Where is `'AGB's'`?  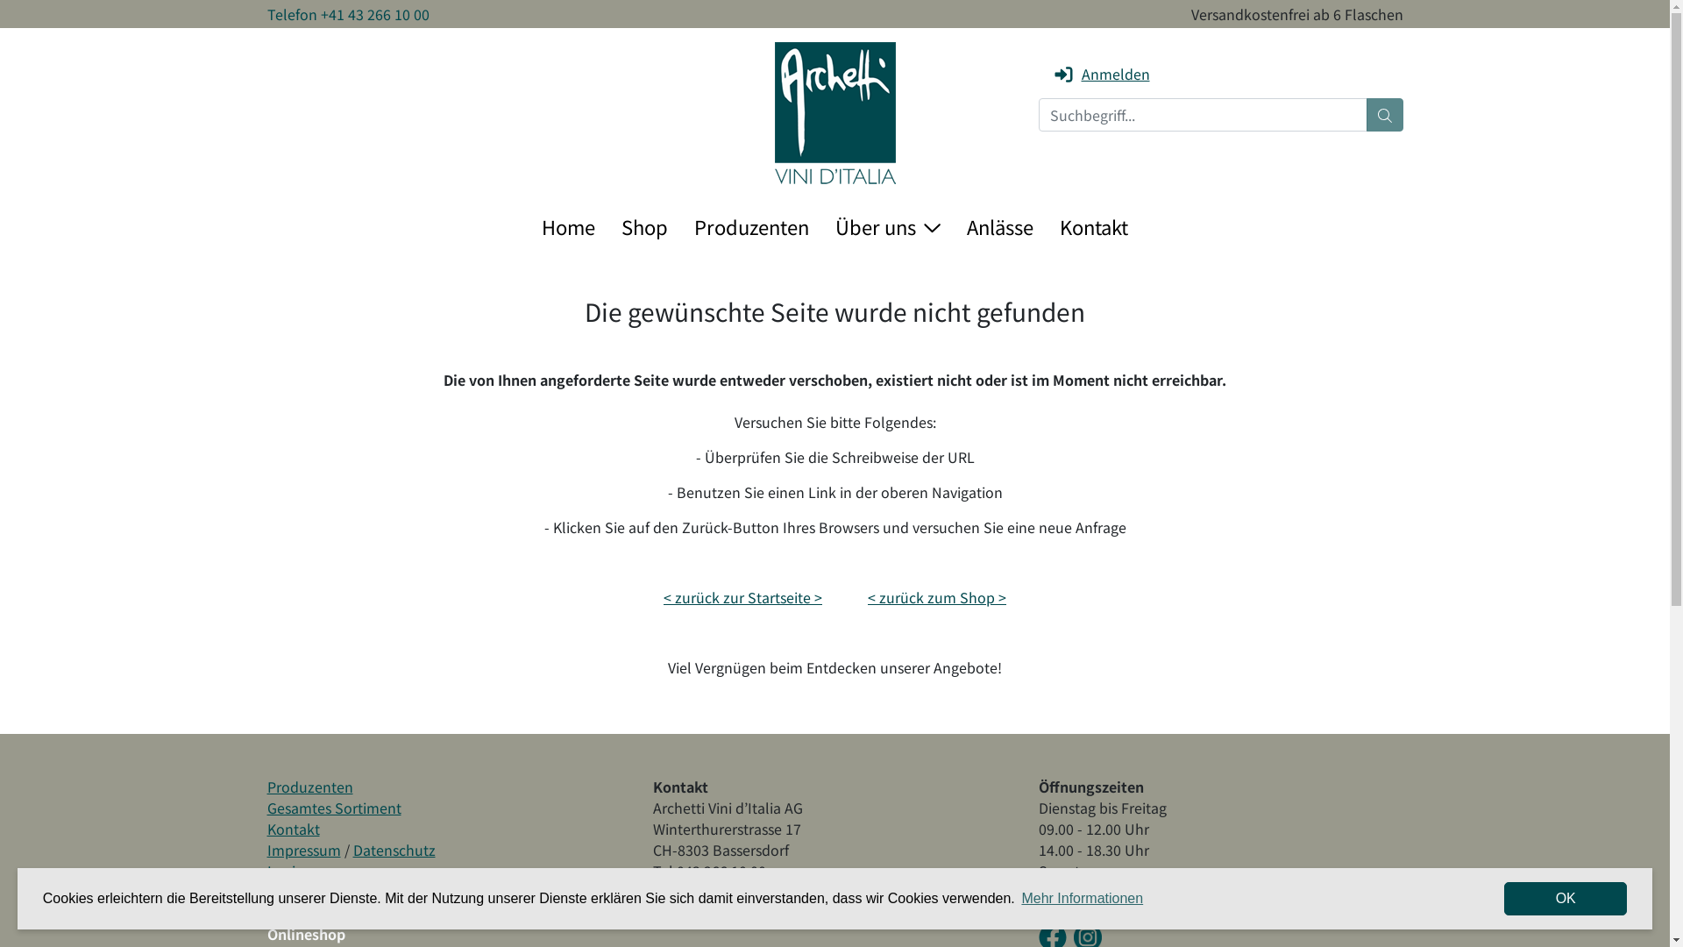 'AGB's' is located at coordinates (265, 892).